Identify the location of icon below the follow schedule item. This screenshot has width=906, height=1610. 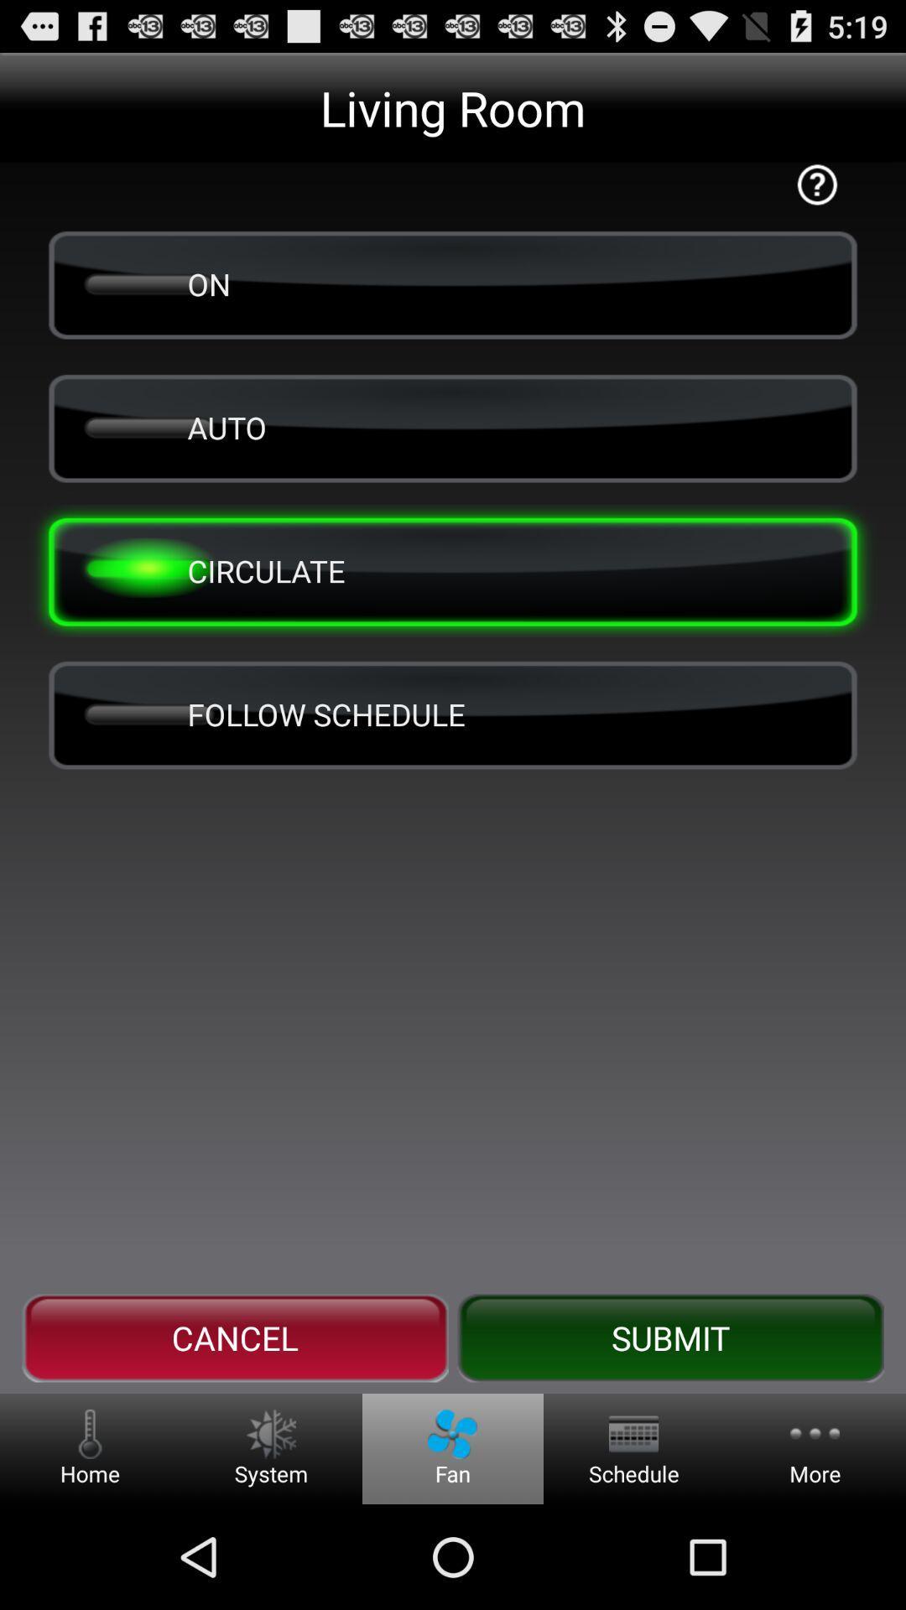
(235, 1337).